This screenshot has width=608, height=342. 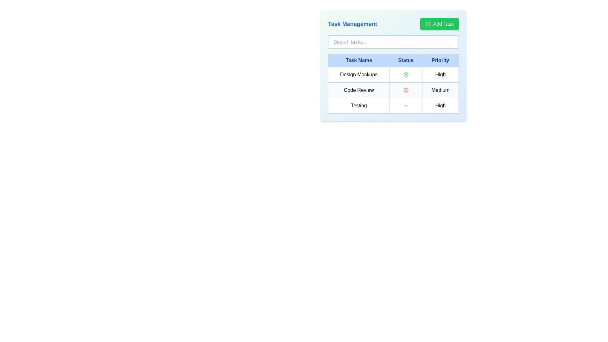 What do you see at coordinates (352, 24) in the screenshot?
I see `the Text Header that serves as a title or header for the task management section, located at the top-left corner of the group containing the 'Add Task' button and an SVG icon` at bounding box center [352, 24].